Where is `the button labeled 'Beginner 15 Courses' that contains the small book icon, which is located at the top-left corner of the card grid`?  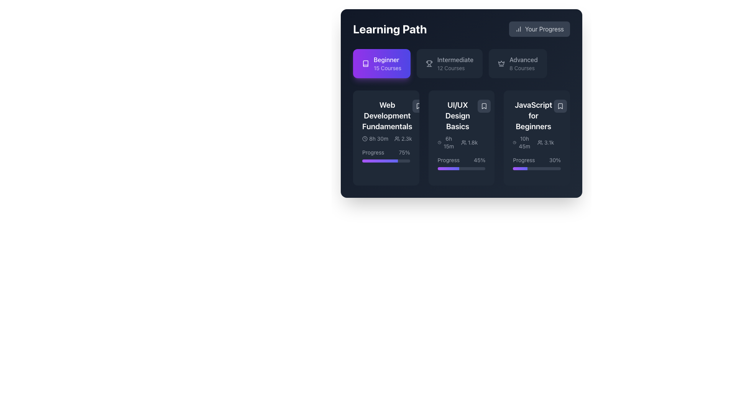 the button labeled 'Beginner 15 Courses' that contains the small book icon, which is located at the top-left corner of the card grid is located at coordinates (365, 63).